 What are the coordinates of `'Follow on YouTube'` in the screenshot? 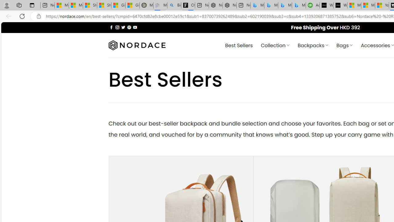 It's located at (135, 27).